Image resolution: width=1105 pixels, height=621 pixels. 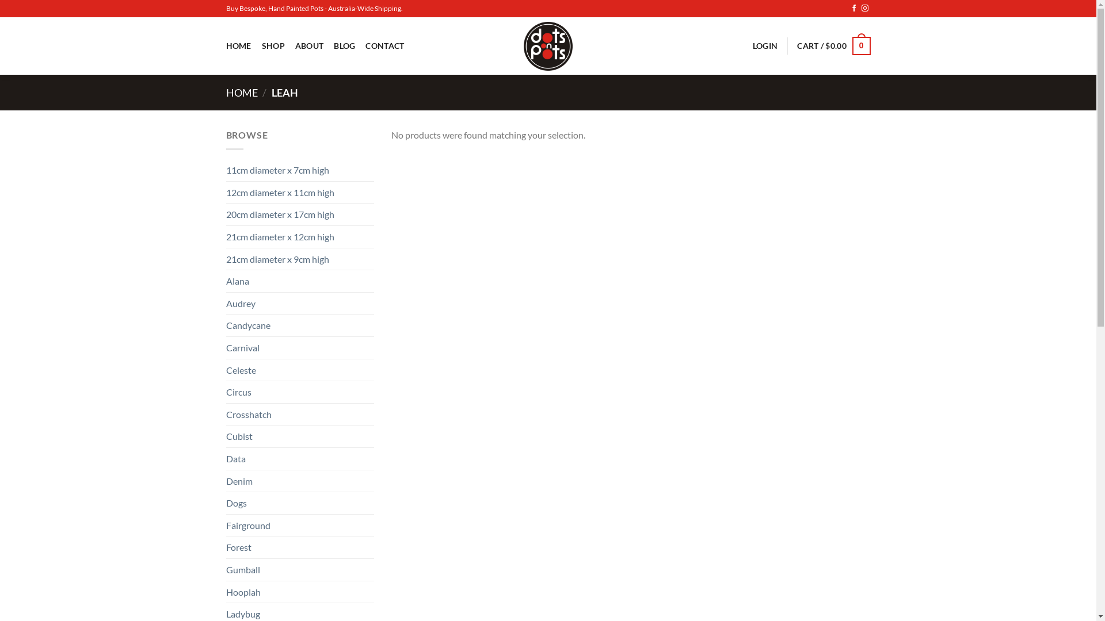 I want to click on '20cm diameter x 17cm high', so click(x=300, y=214).